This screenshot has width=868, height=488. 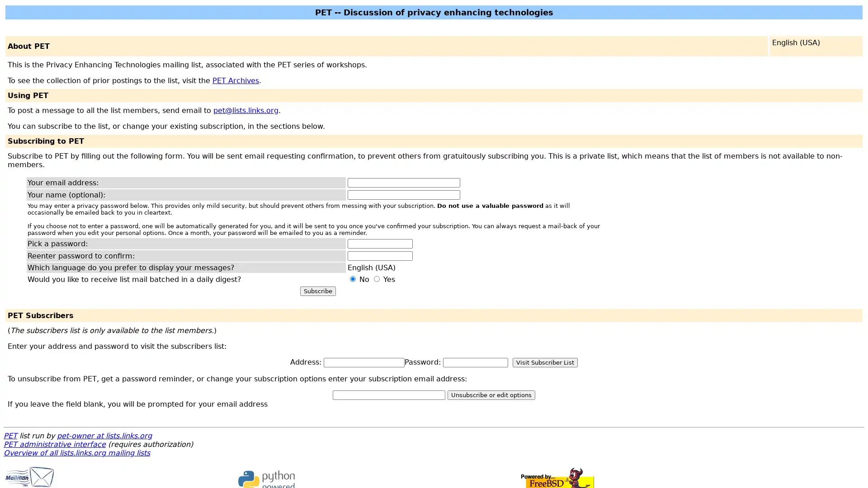 I want to click on Subscribe, so click(x=317, y=291).